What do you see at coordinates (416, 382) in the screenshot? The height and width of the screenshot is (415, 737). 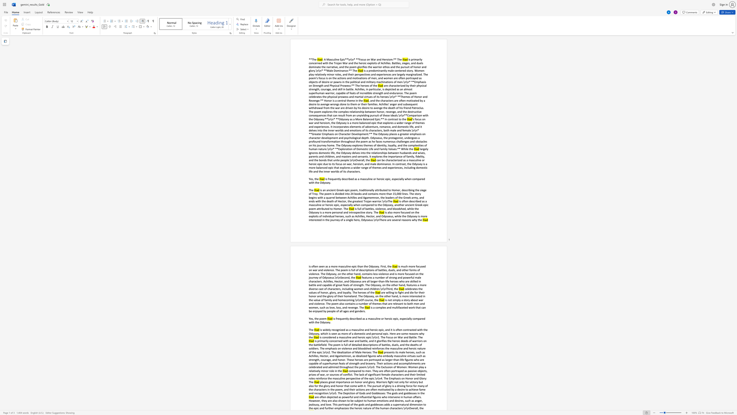 I see `the subset text "y but also for the glory and honor that come with it. The pursuit of glory is a driving fo" within the text "places great importance on honor and glory. Warriors fight not only for victory but also for the glory and honor that come with it. The pursuit of glory is a driving force for many of the characters in the poem, and their actions are often motivated by a desire to achieve fame and recognition.\n\n5. The Depiction of Gods and Goddesses: The gods and goddesses in the"` at bounding box center [416, 382].